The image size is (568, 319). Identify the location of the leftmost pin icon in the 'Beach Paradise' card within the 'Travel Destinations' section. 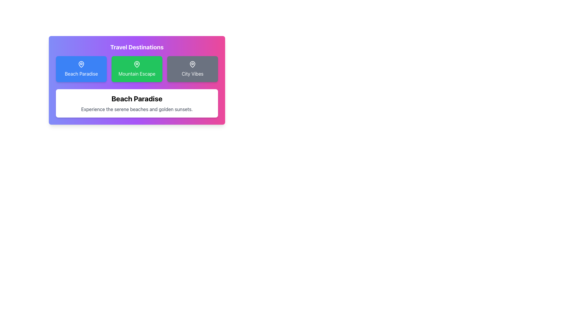
(81, 64).